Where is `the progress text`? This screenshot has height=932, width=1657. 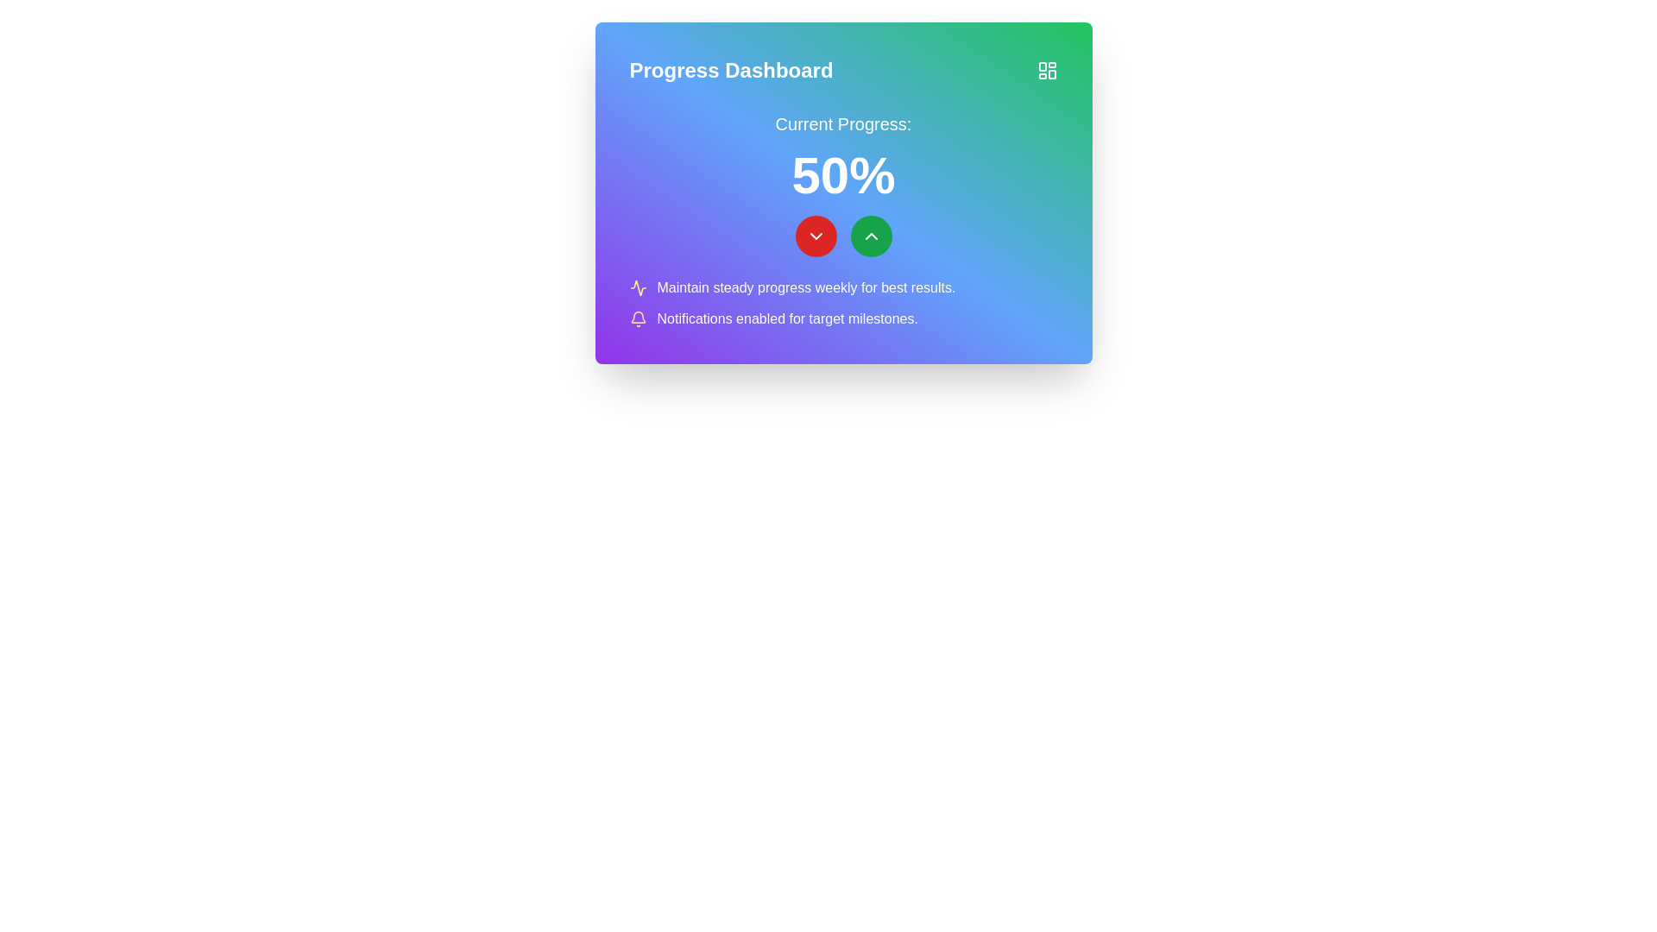 the progress text is located at coordinates (843, 184).